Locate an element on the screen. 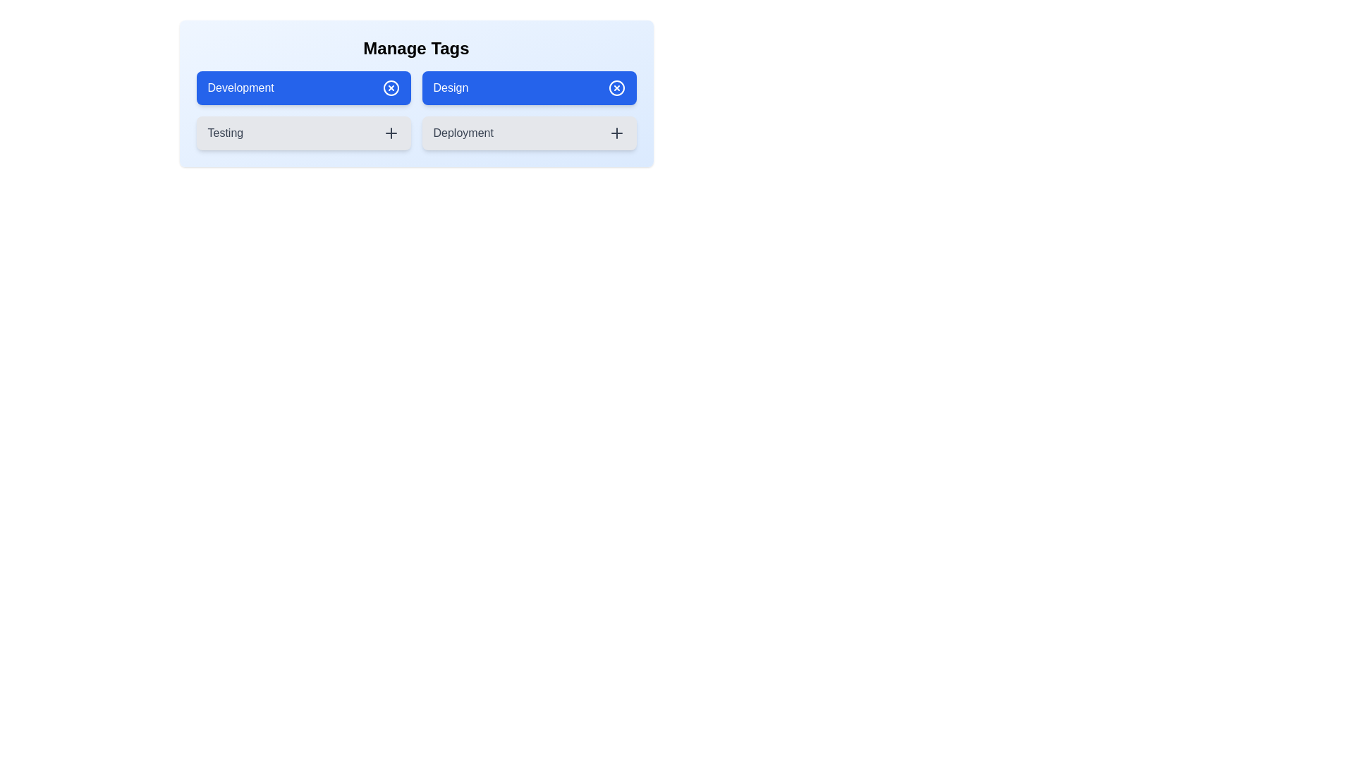  the tag labeled Design to toggle its state is located at coordinates (528, 87).